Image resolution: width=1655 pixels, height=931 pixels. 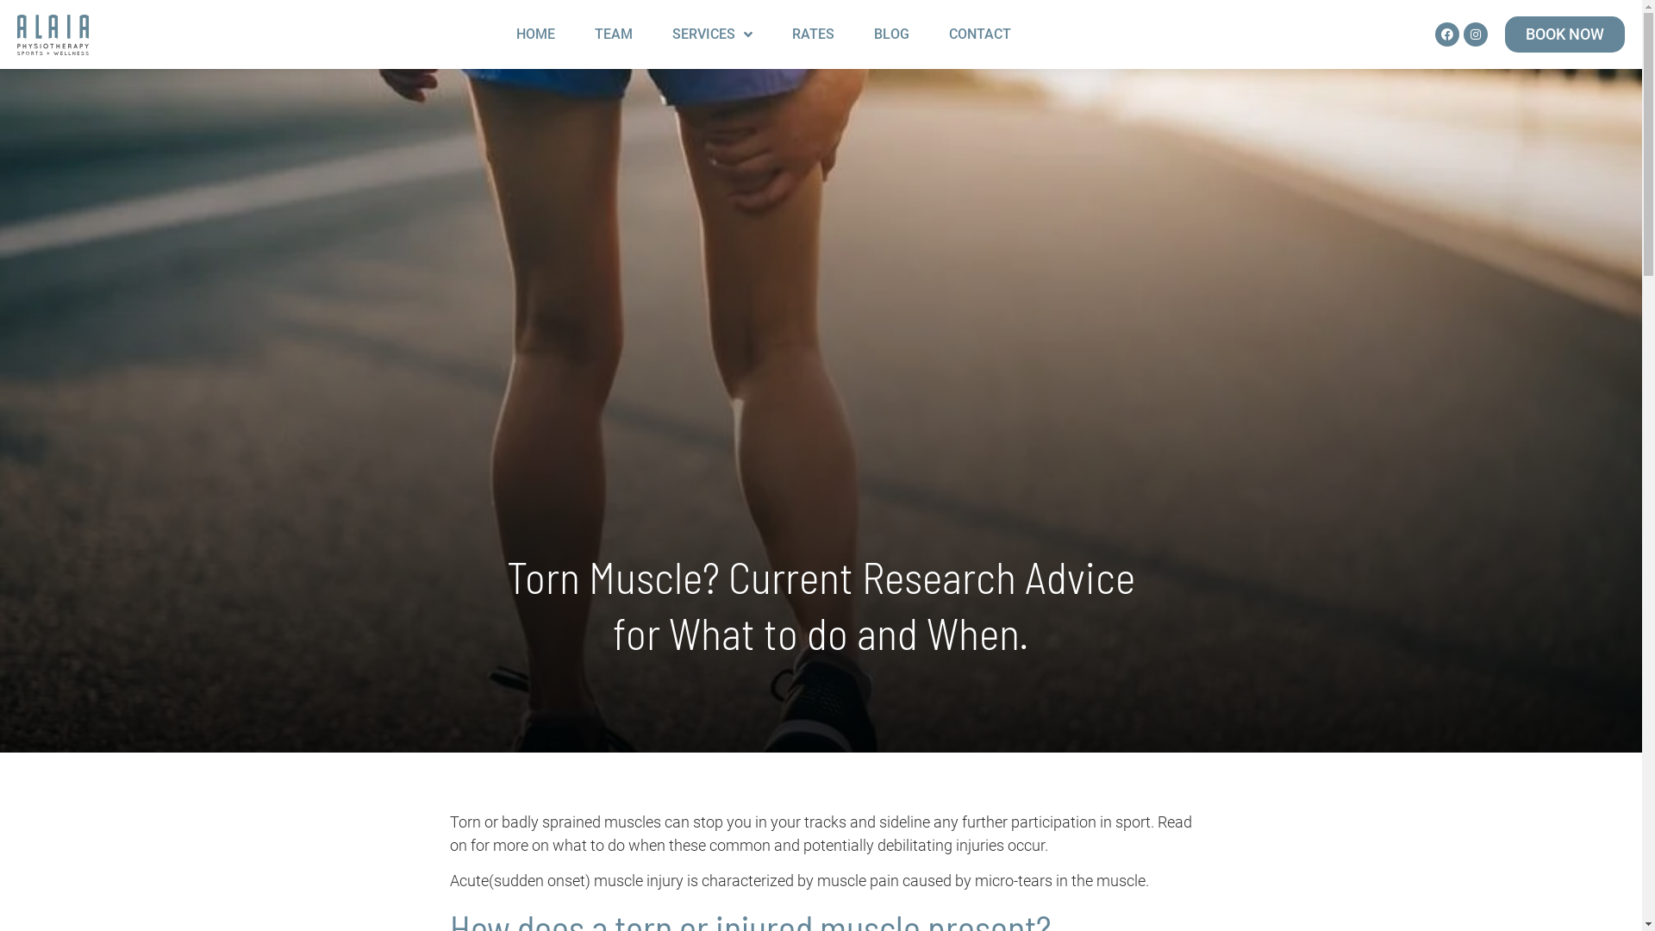 What do you see at coordinates (856, 34) in the screenshot?
I see `'BLOG'` at bounding box center [856, 34].